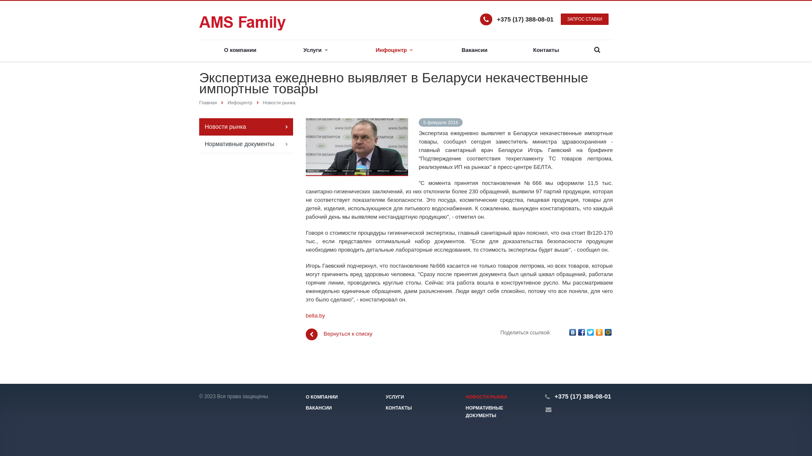 The height and width of the screenshot is (456, 812). Describe the element at coordinates (590, 331) in the screenshot. I see `'Twitter'` at that location.